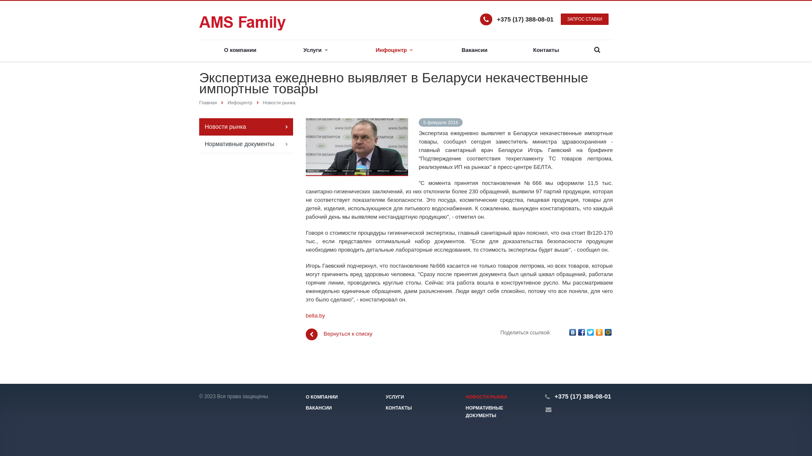 The height and width of the screenshot is (456, 812). Describe the element at coordinates (590, 331) in the screenshot. I see `'Twitter'` at that location.